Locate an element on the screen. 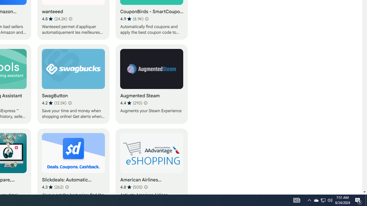  'SwagButton' is located at coordinates (73, 84).